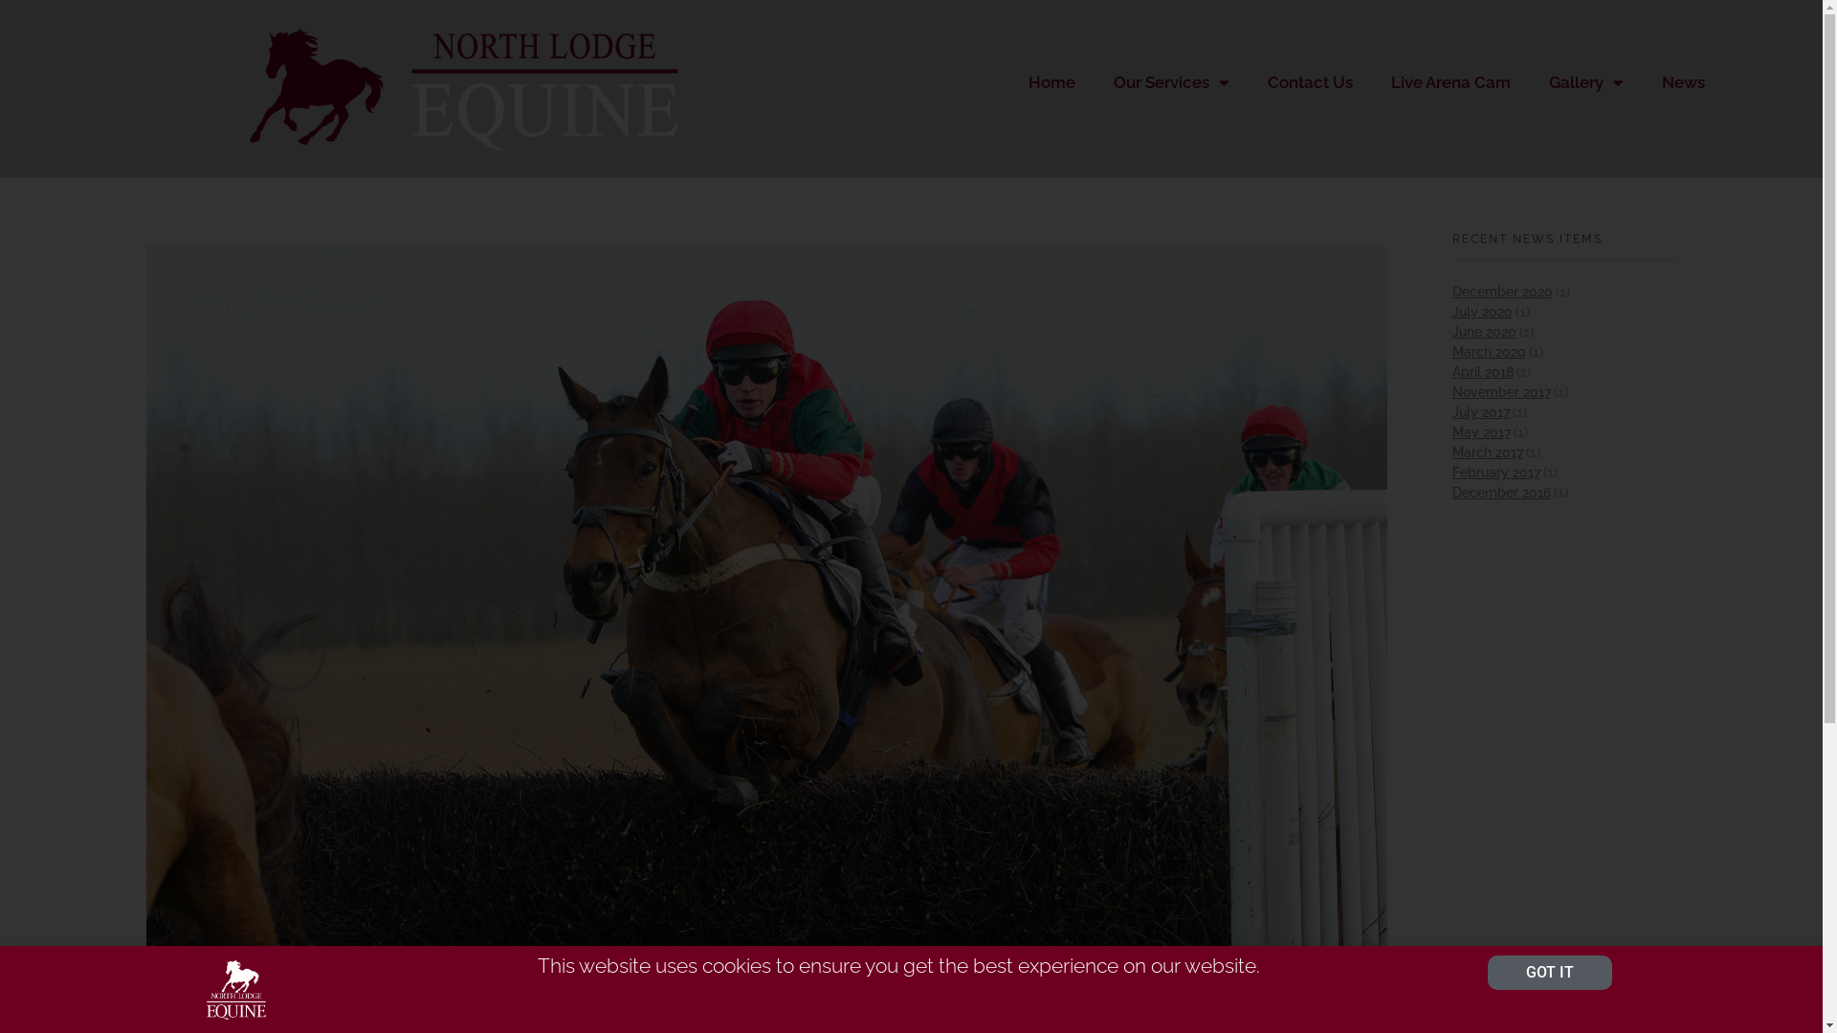 The width and height of the screenshot is (1837, 1033). What do you see at coordinates (1501, 291) in the screenshot?
I see `'December 2020'` at bounding box center [1501, 291].